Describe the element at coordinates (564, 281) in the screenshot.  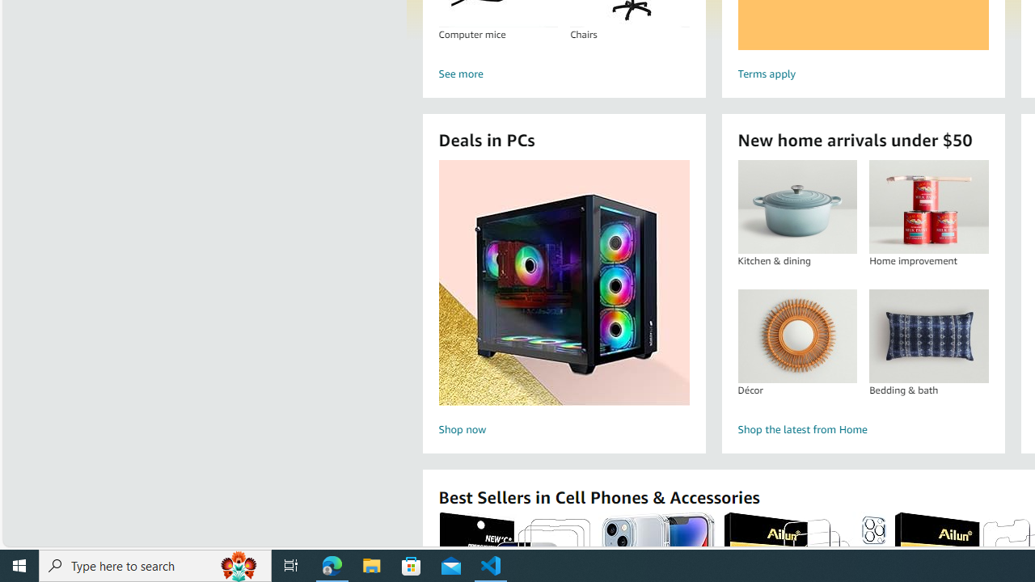
I see `'Deals in PCs'` at that location.